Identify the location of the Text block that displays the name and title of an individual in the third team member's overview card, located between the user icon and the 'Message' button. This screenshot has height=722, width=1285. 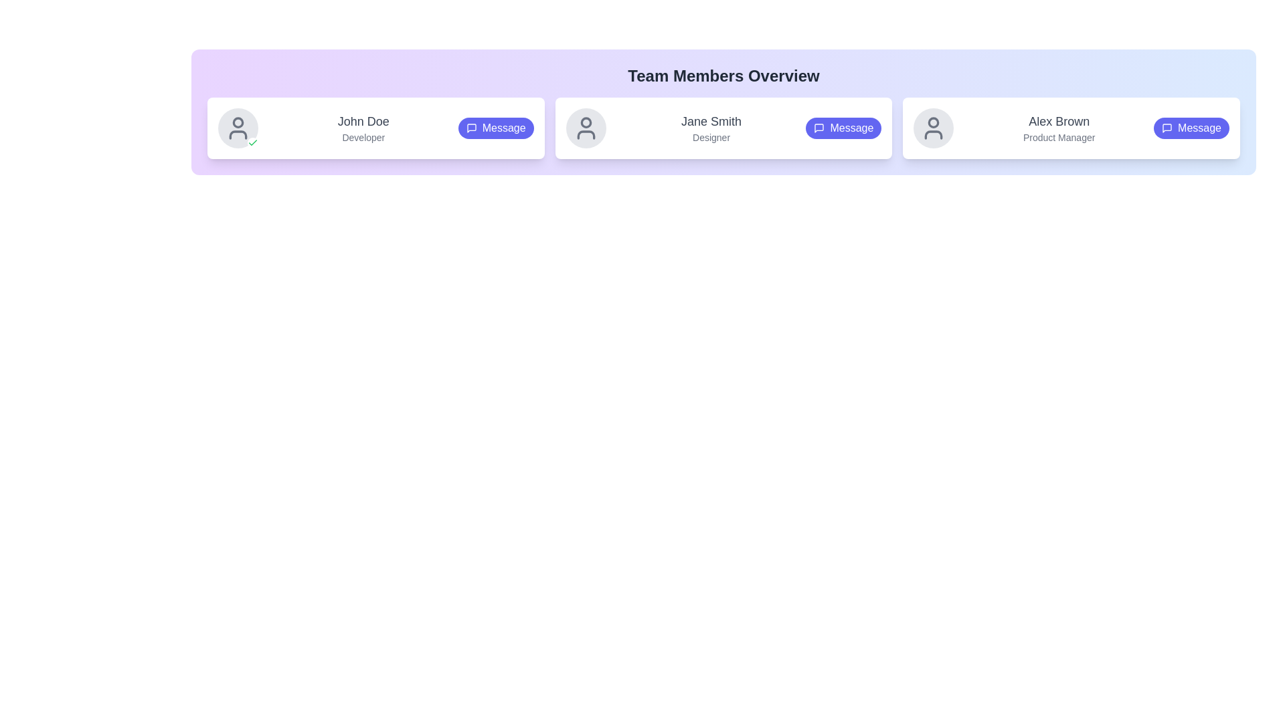
(1058, 128).